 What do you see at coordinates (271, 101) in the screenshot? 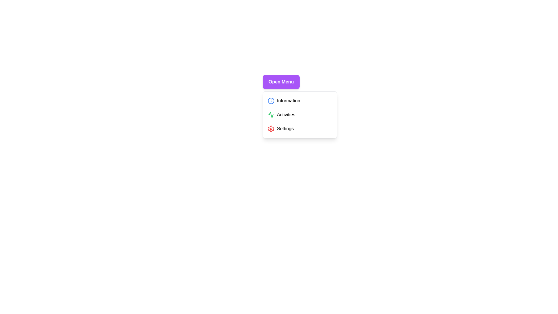
I see `the menu item with the icon of color blue` at bounding box center [271, 101].